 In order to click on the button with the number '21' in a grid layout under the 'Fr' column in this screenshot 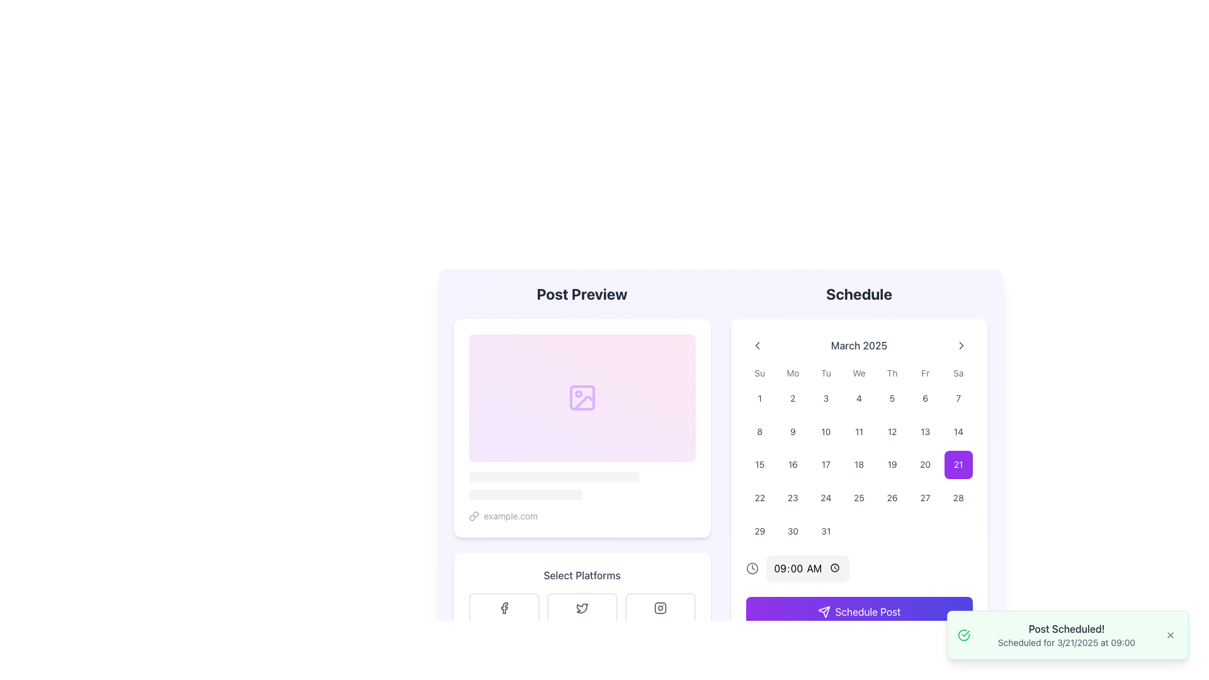, I will do `click(958, 465)`.